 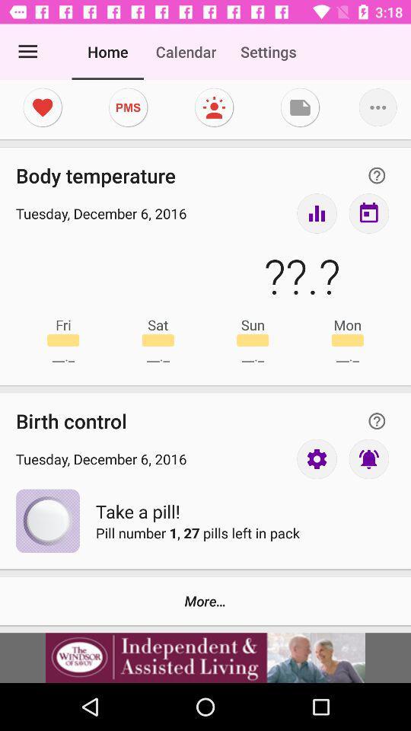 I want to click on screen page, so click(x=213, y=107).